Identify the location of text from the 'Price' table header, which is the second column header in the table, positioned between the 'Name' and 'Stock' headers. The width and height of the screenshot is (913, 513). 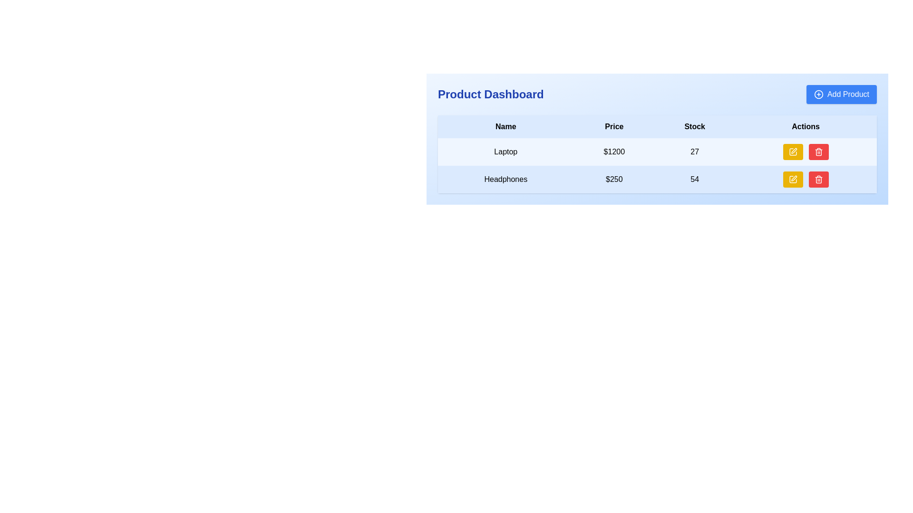
(614, 126).